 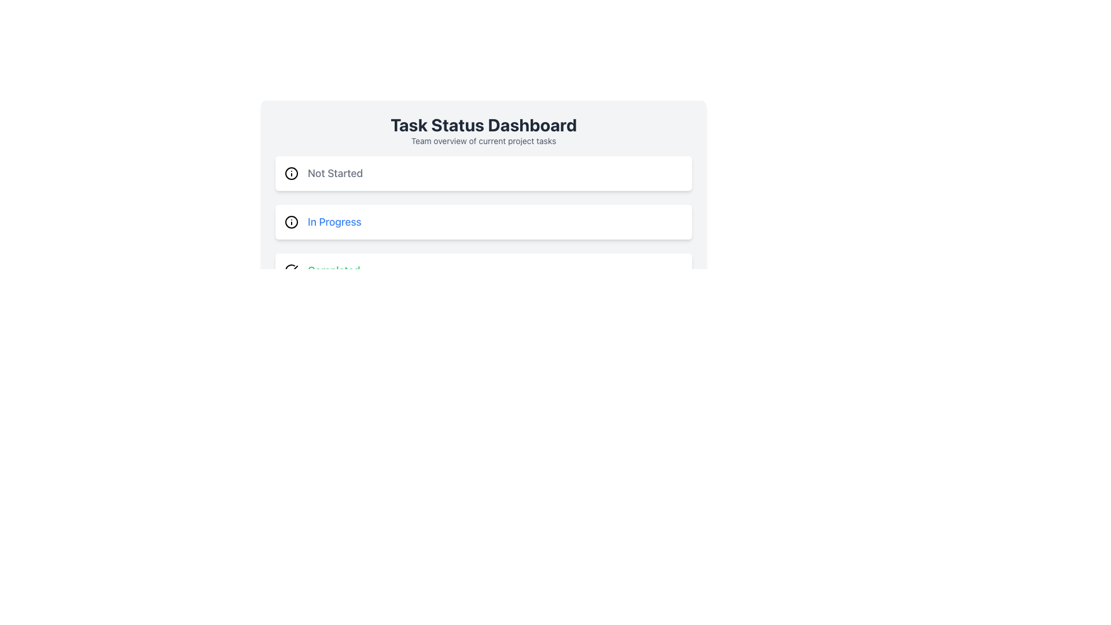 I want to click on the 'Completed' status indicator element located under the 'Task Status Dashboard', which is the third item in the status column, so click(x=483, y=270).